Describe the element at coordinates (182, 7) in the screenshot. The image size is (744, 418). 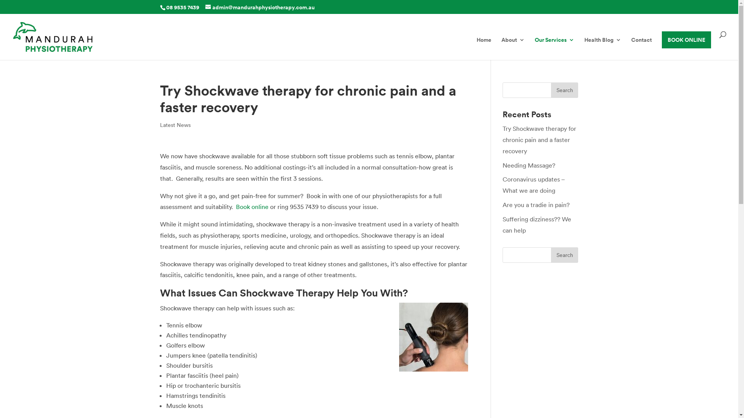
I see `'08 9535 7439'` at that location.